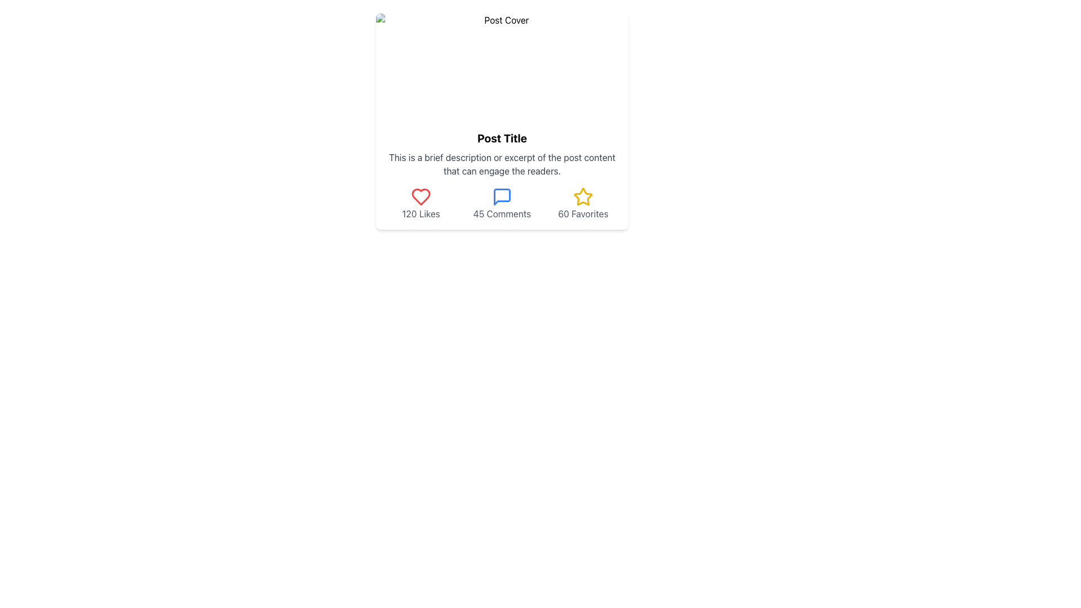 The image size is (1081, 608). I want to click on the interactive statistic display section showing '45 Comments', so click(502, 204).